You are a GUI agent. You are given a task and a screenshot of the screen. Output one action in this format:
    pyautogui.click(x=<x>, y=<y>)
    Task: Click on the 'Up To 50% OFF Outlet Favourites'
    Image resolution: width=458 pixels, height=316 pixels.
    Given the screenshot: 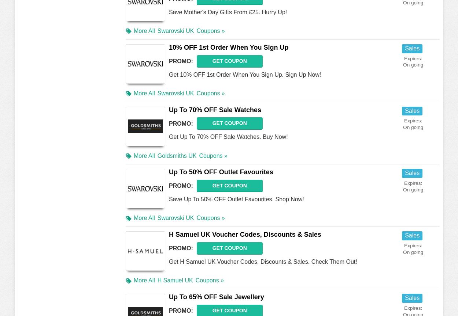 What is the action you would take?
    pyautogui.click(x=169, y=171)
    